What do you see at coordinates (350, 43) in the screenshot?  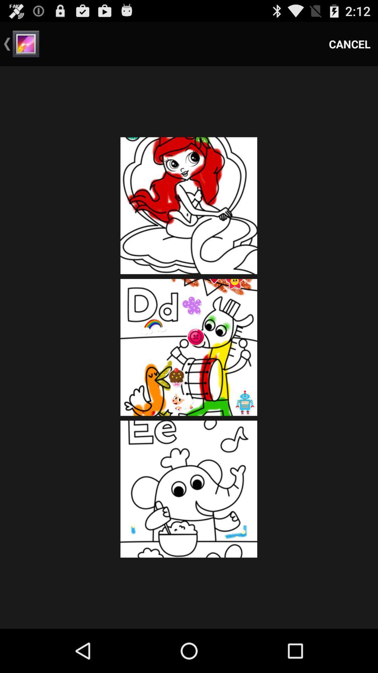 I see `cancel` at bounding box center [350, 43].